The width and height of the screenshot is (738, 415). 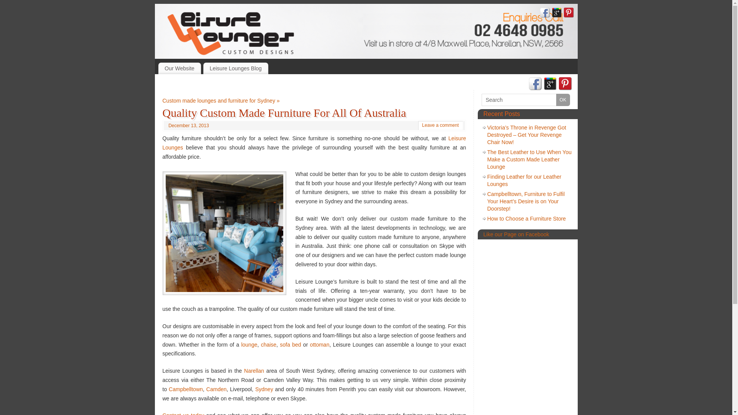 I want to click on 'chaise', so click(x=269, y=344).